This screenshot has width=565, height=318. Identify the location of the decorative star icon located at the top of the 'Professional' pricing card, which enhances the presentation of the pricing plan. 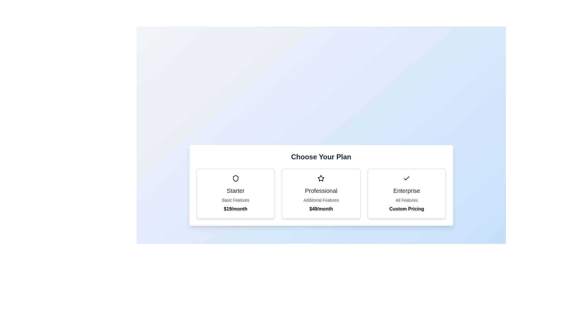
(321, 178).